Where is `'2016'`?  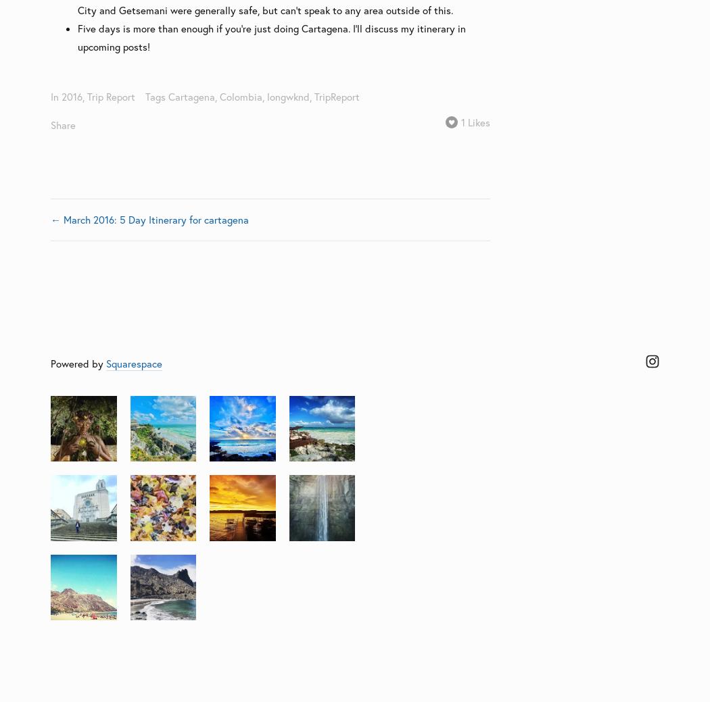
'2016' is located at coordinates (72, 95).